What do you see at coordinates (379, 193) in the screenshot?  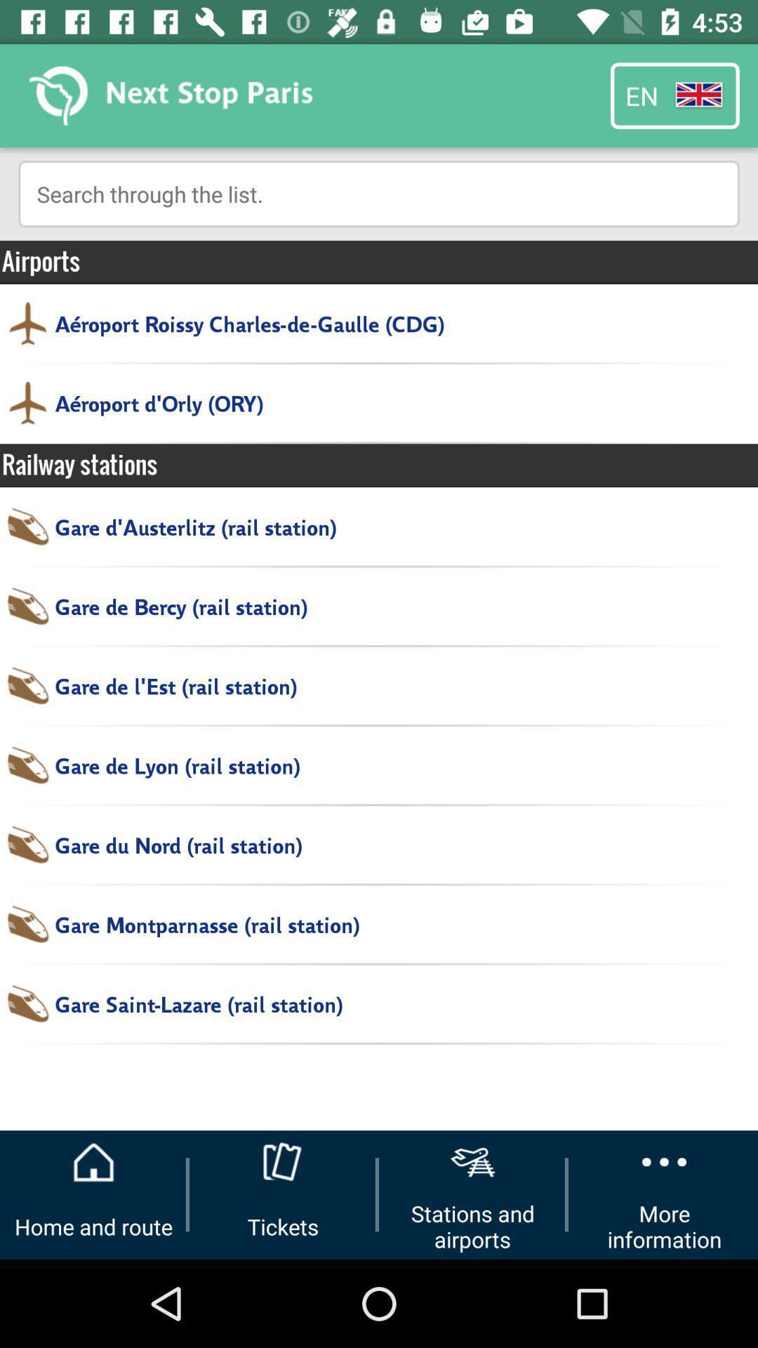 I see `the item above airports icon` at bounding box center [379, 193].